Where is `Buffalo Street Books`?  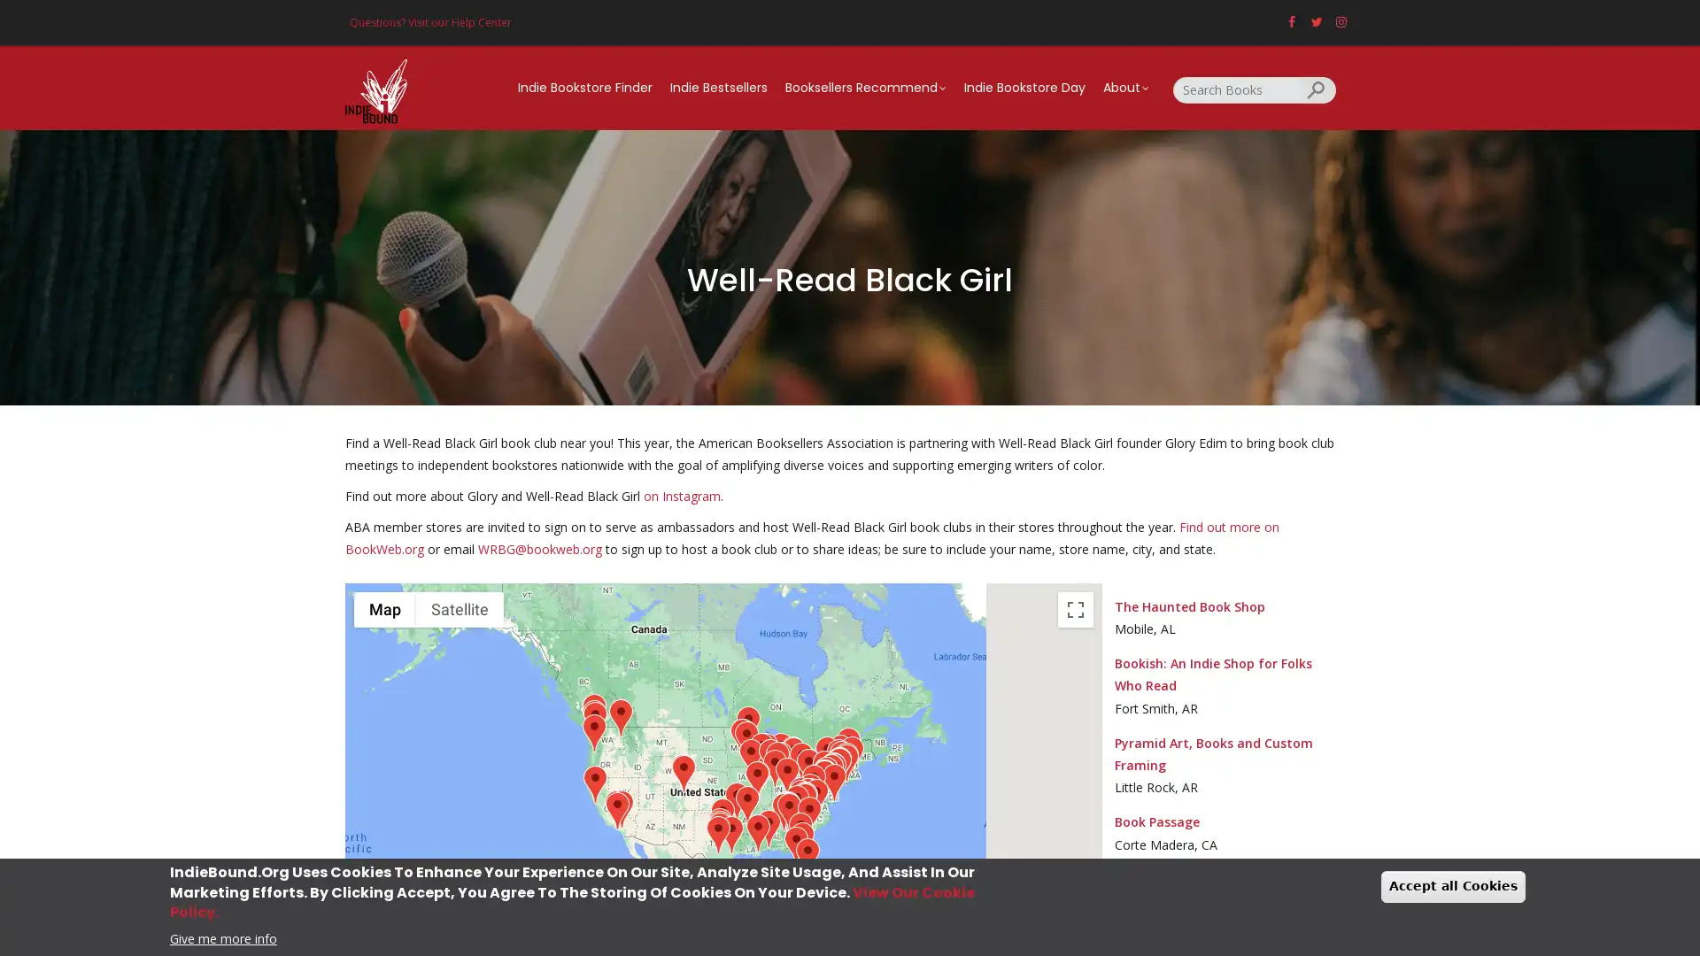 Buffalo Street Books is located at coordinates (825, 754).